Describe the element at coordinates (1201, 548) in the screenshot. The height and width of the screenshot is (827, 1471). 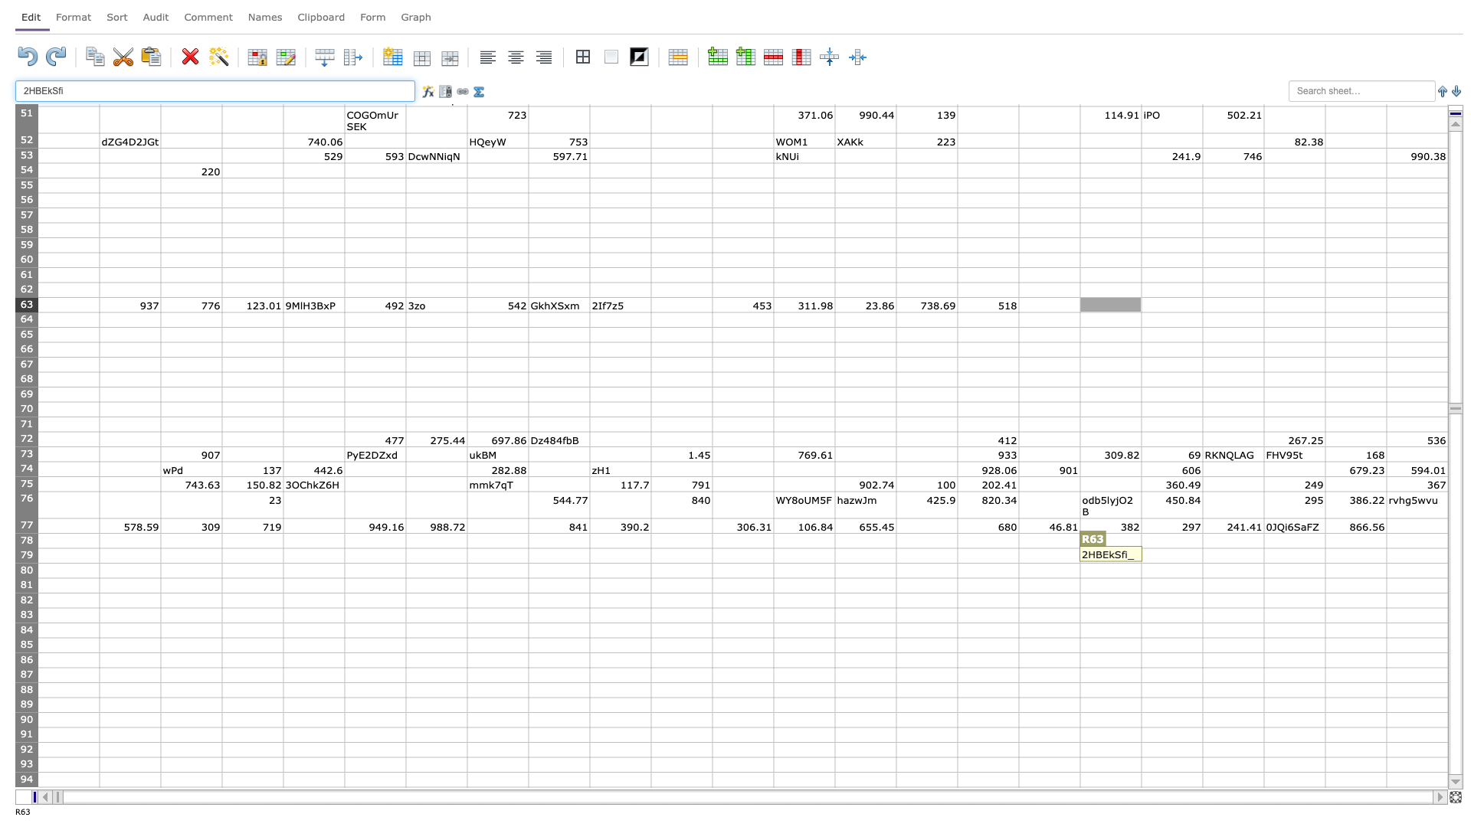
I see `Northwest corner of cell T79` at that location.